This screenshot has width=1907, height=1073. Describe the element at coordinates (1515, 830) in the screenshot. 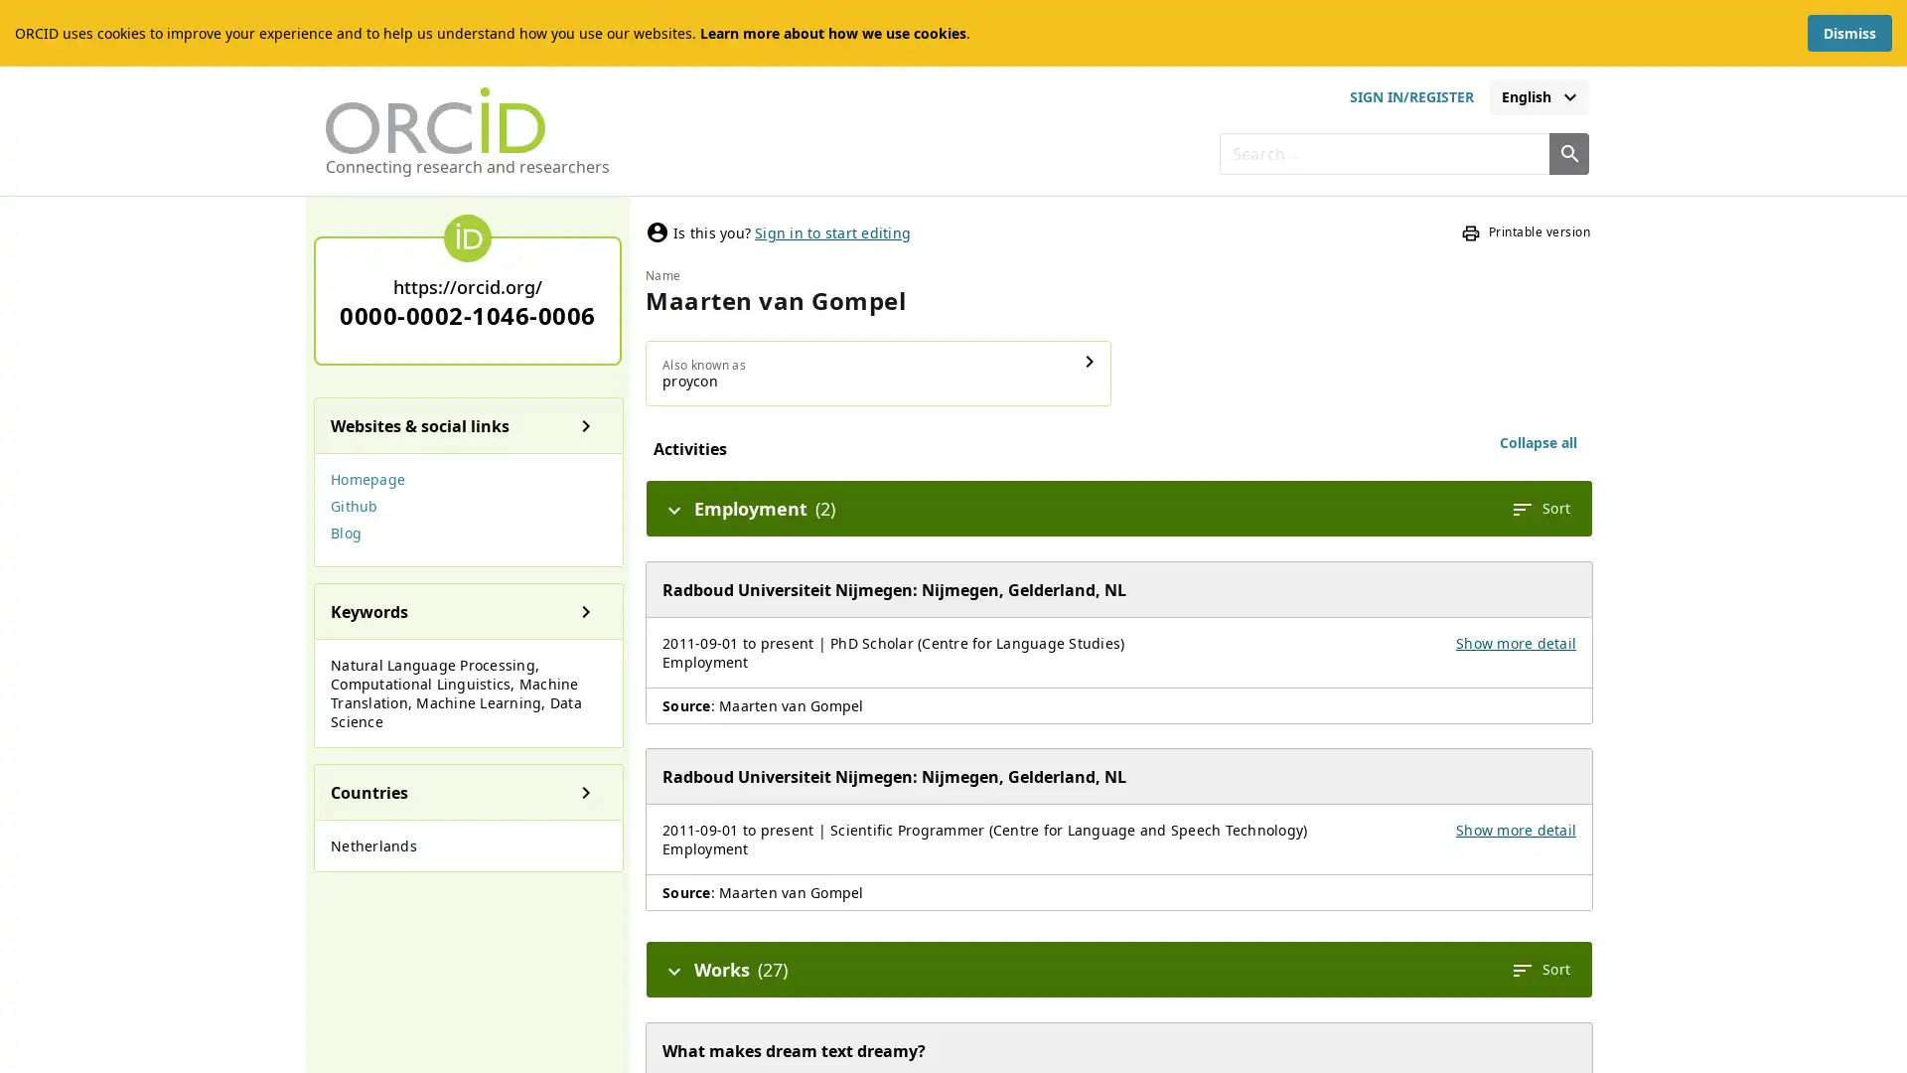

I see `Show more detail` at that location.